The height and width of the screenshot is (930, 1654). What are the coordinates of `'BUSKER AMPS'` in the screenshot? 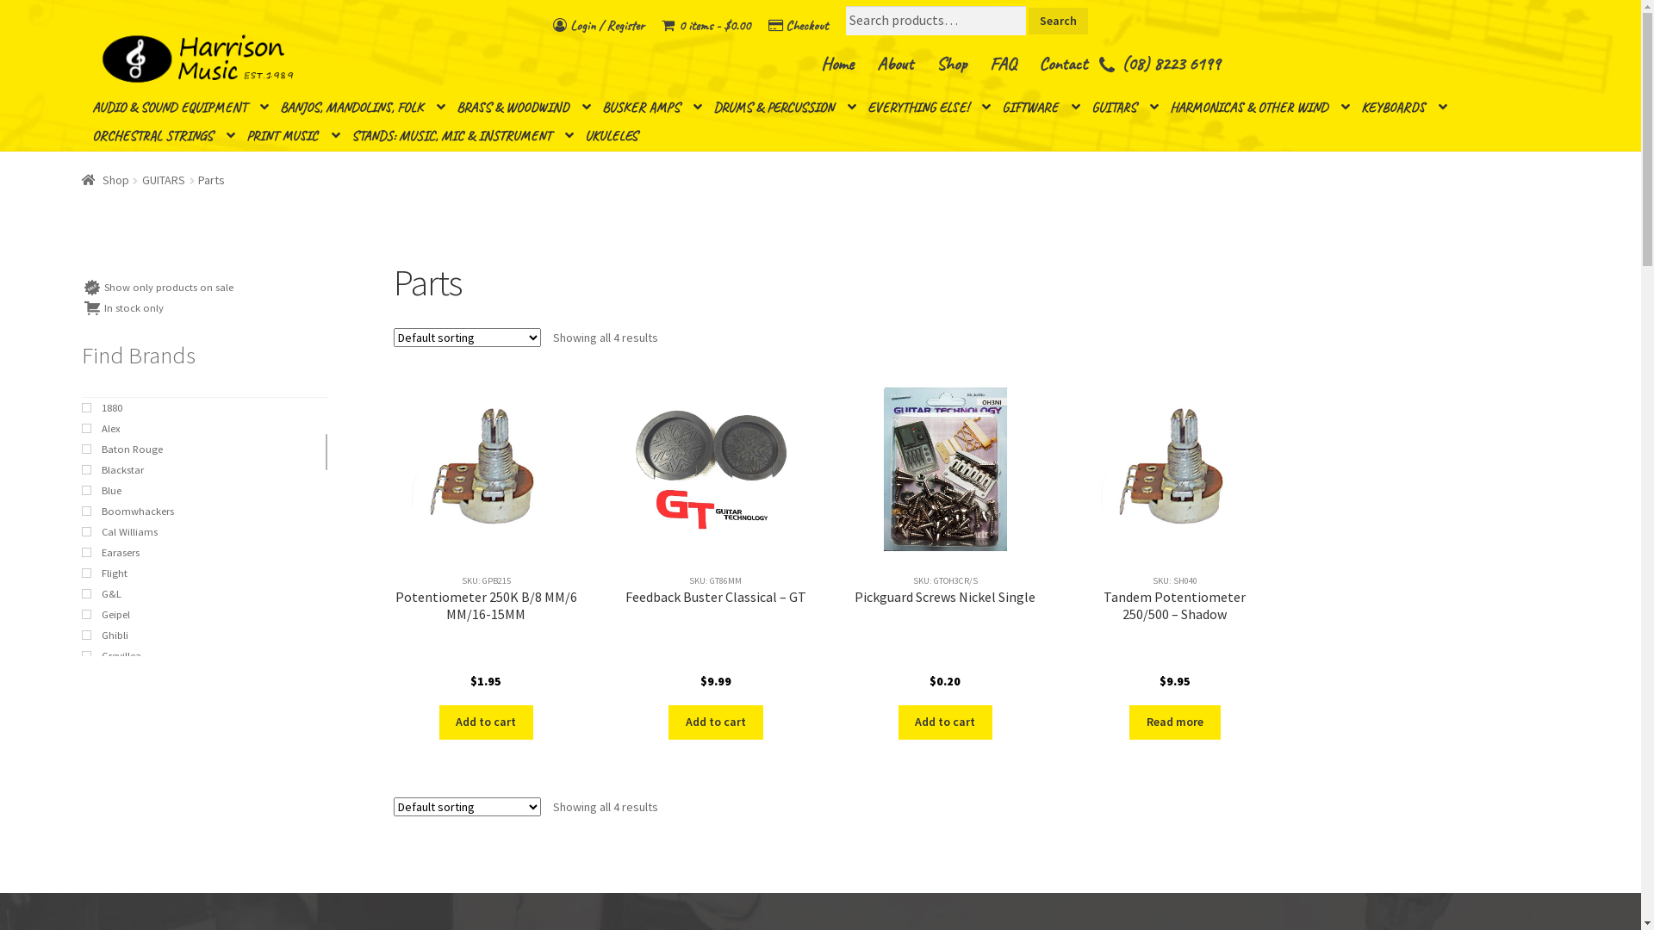 It's located at (651, 108).